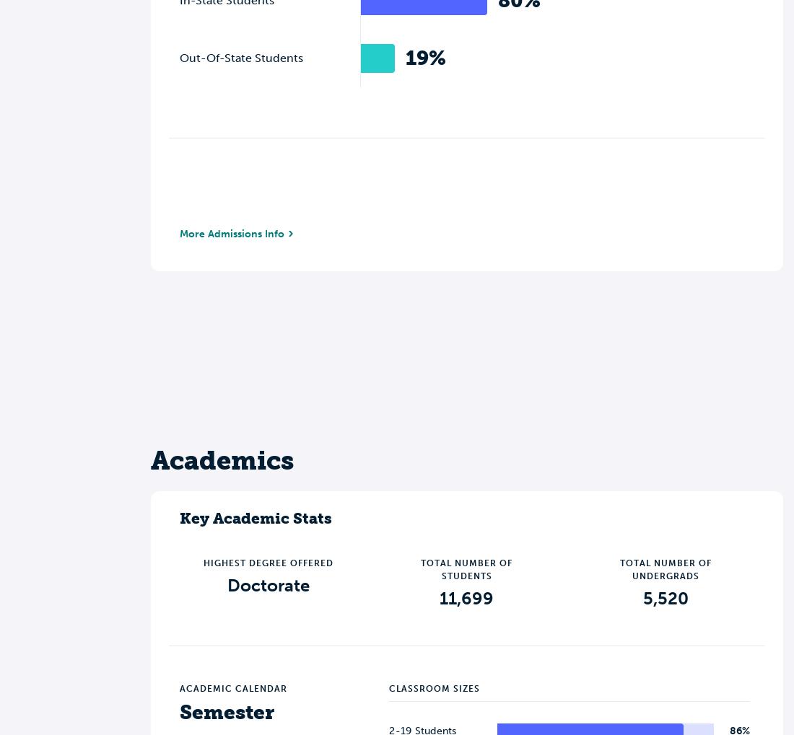 The height and width of the screenshot is (735, 794). Describe the element at coordinates (434, 688) in the screenshot. I see `'Classroom Sizes'` at that location.